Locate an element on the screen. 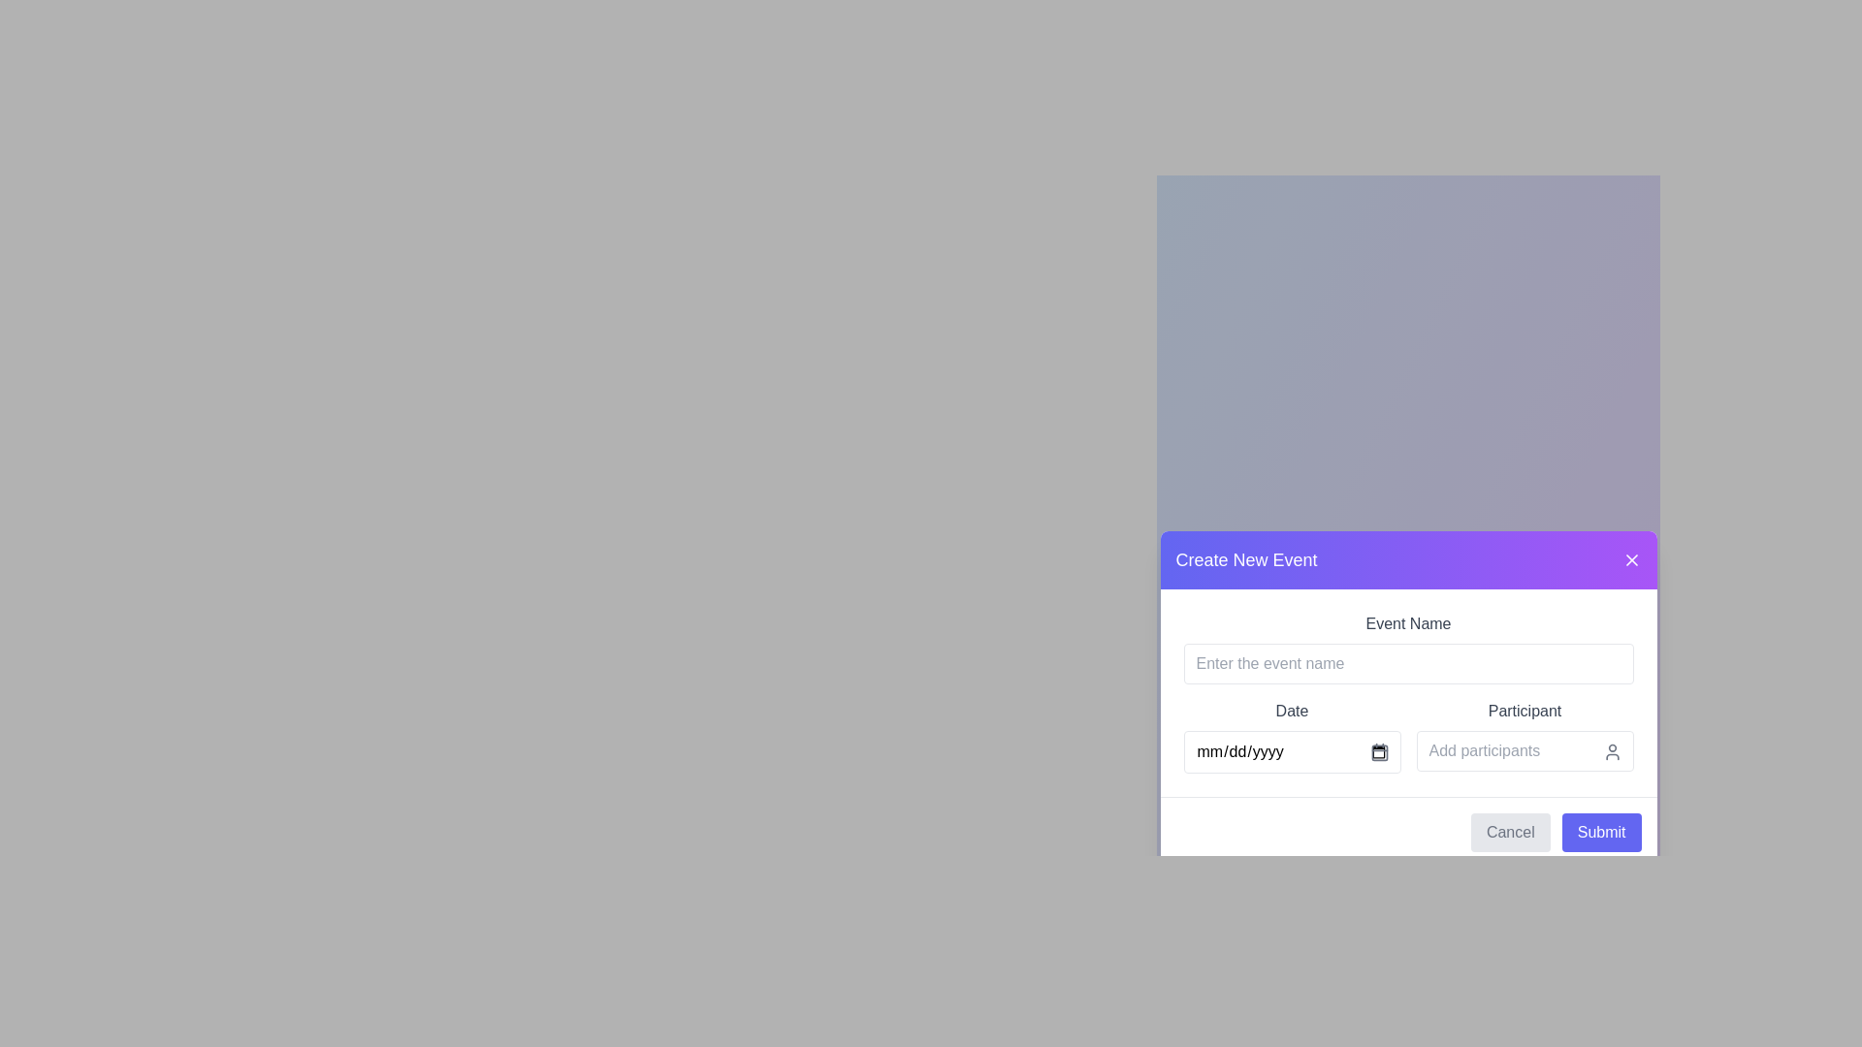 The height and width of the screenshot is (1047, 1862). the static label text indicating the input field for the event name in the 'Create New Event' modal dialog is located at coordinates (1408, 623).